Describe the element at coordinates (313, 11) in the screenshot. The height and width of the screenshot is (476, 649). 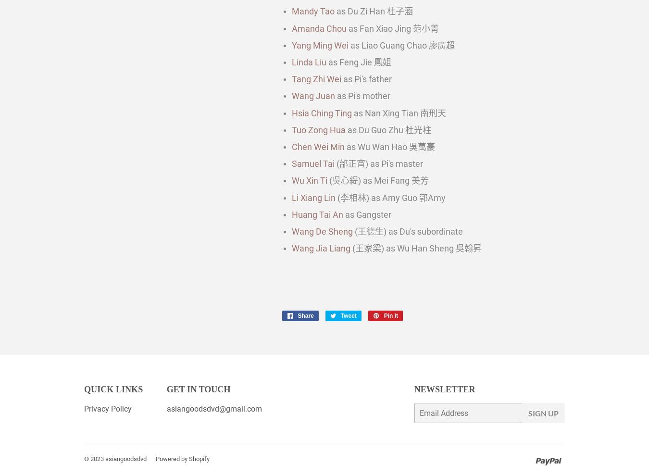
I see `'Mandy Tao'` at that location.